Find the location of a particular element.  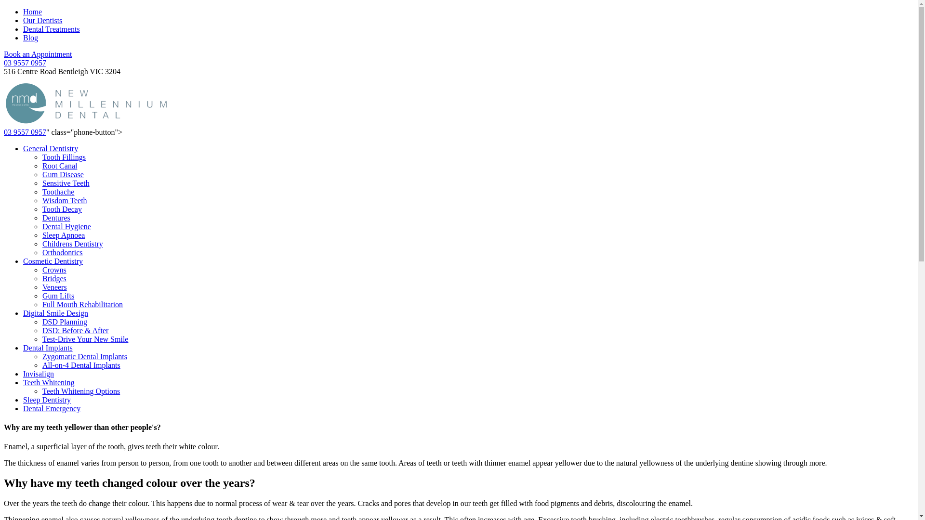

'Root Canal' is located at coordinates (59, 165).